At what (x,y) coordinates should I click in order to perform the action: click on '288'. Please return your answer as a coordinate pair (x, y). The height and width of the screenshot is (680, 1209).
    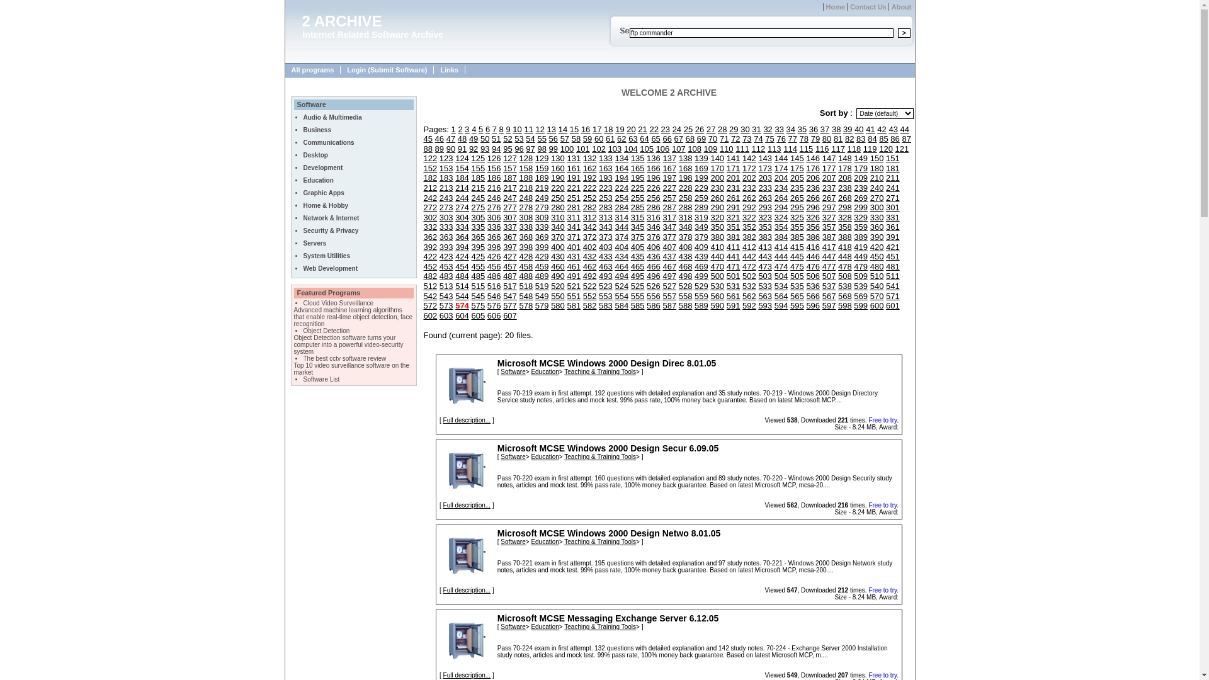
    Looking at the image, I should click on (685, 207).